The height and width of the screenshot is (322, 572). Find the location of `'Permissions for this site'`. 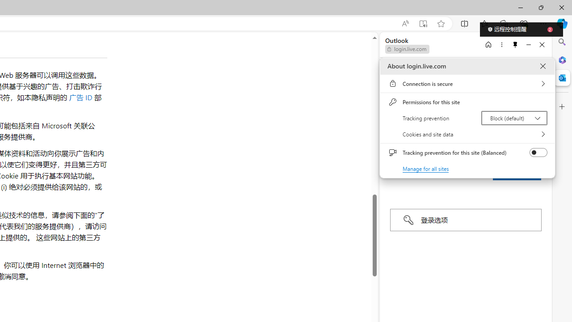

'Permissions for this site' is located at coordinates (467, 102).